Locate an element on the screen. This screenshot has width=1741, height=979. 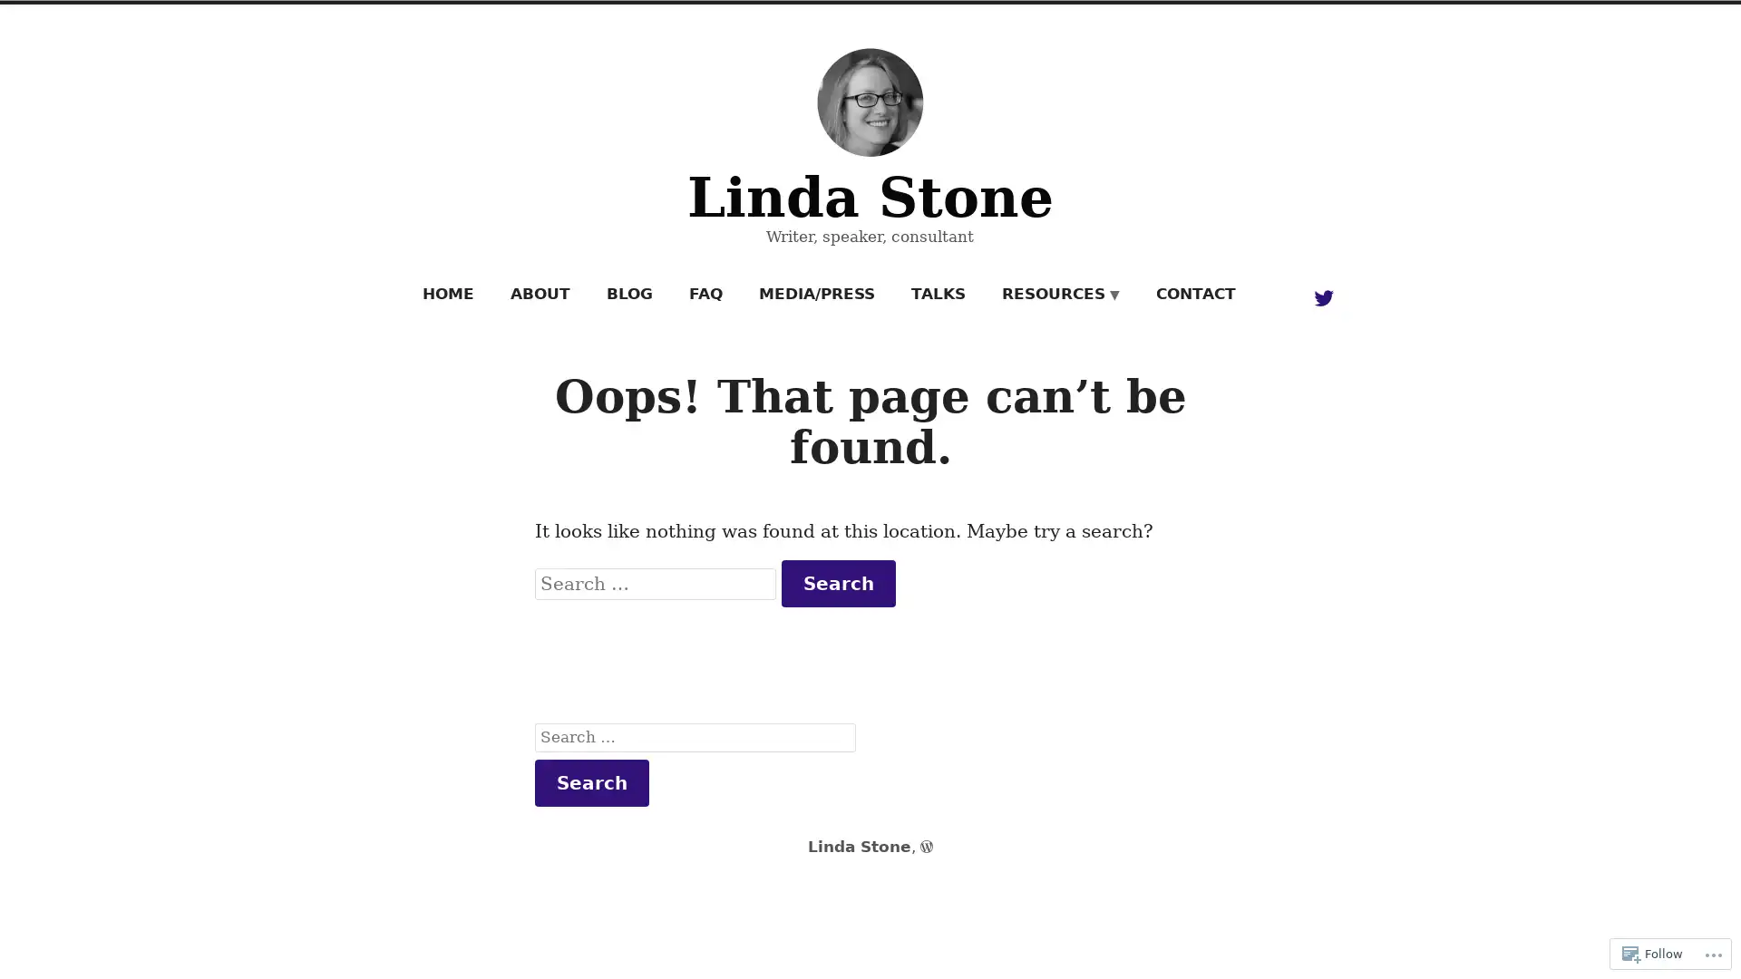
Search is located at coordinates (591, 781).